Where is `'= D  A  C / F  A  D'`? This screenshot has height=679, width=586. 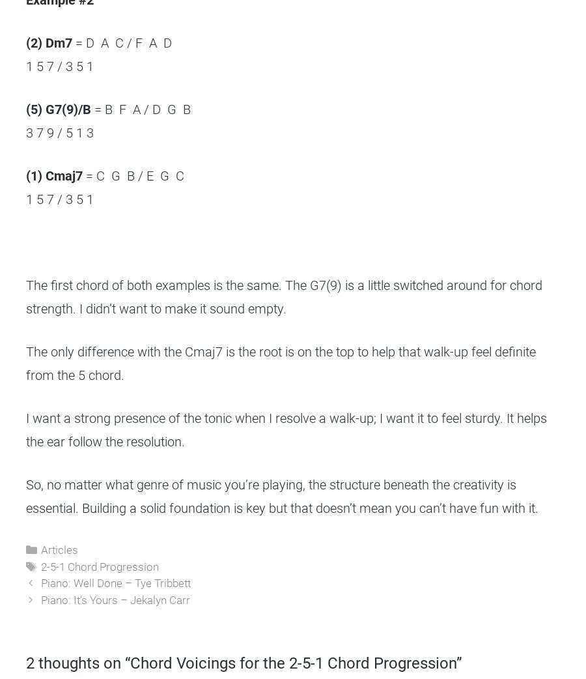
'= D  A  C / F  A  D' is located at coordinates (122, 42).